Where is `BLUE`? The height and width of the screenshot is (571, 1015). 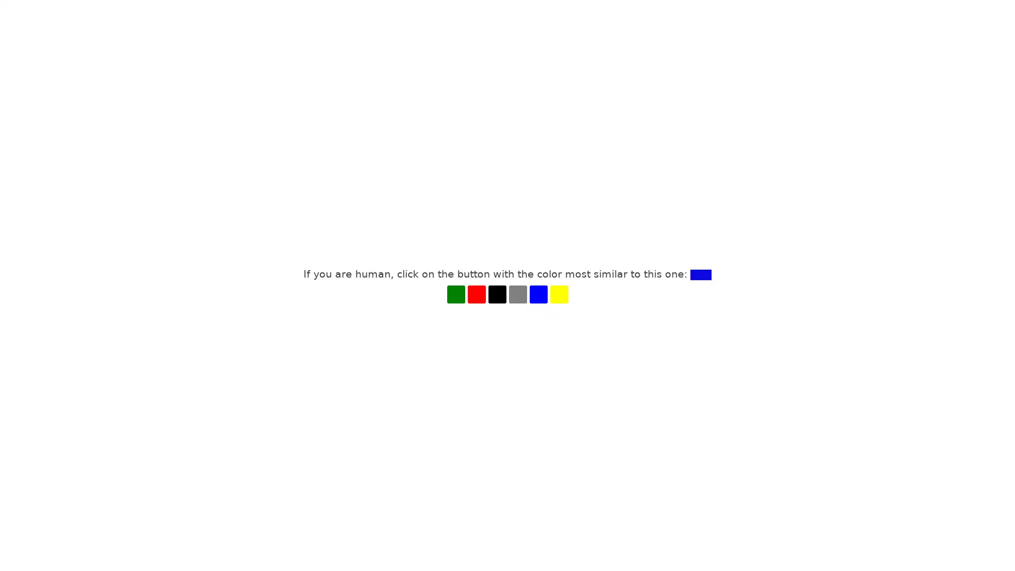
BLUE is located at coordinates (538, 293).